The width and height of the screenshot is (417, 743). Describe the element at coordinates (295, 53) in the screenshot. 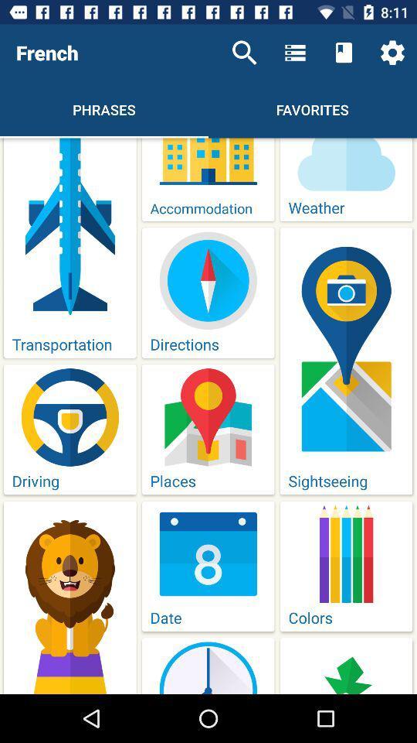

I see `the item above the favorites item` at that location.